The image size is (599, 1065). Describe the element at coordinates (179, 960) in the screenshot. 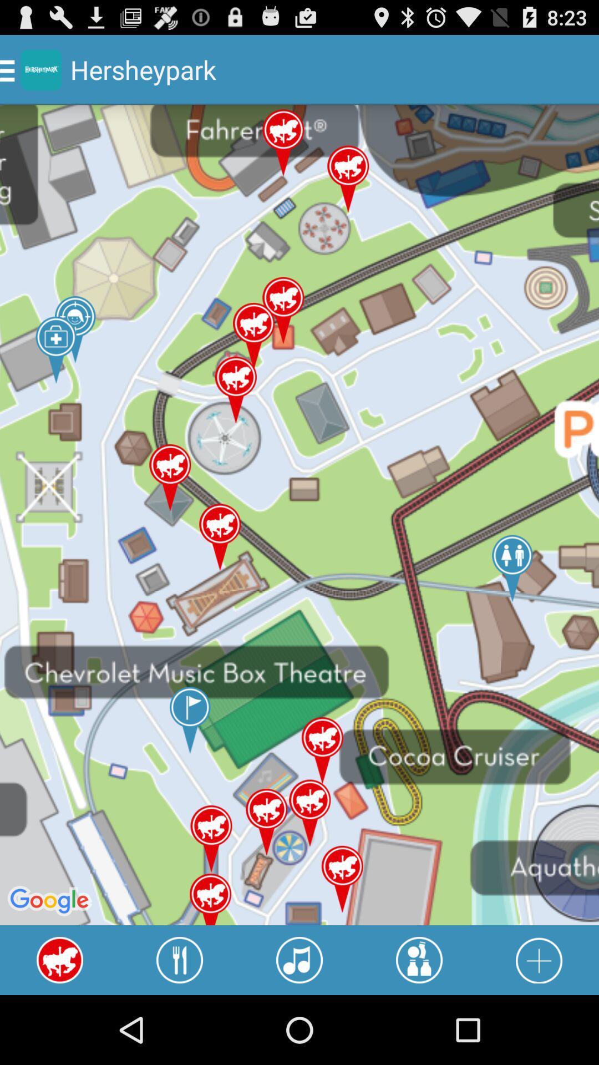

I see `find restaurant` at that location.